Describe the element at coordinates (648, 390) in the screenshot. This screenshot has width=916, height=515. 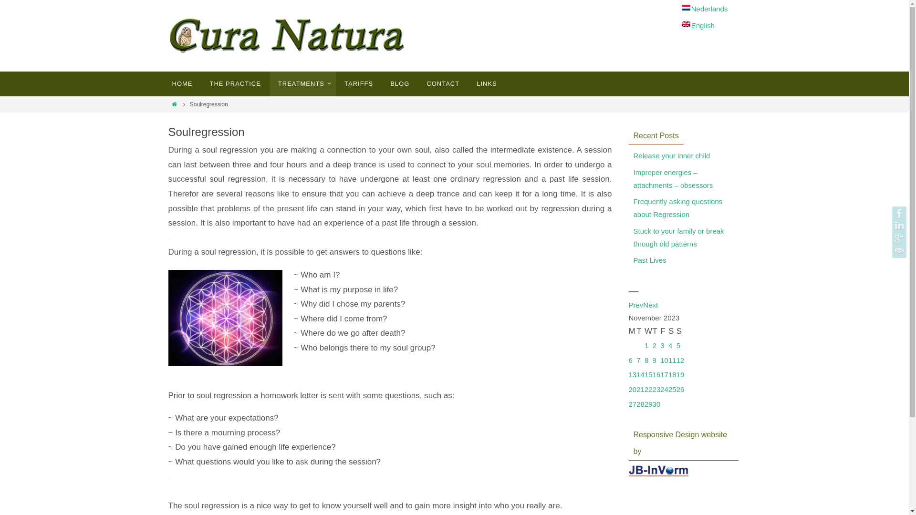
I see `'22'` at that location.